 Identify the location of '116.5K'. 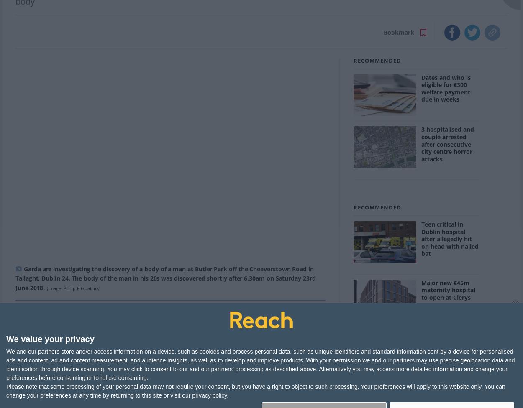
(393, 326).